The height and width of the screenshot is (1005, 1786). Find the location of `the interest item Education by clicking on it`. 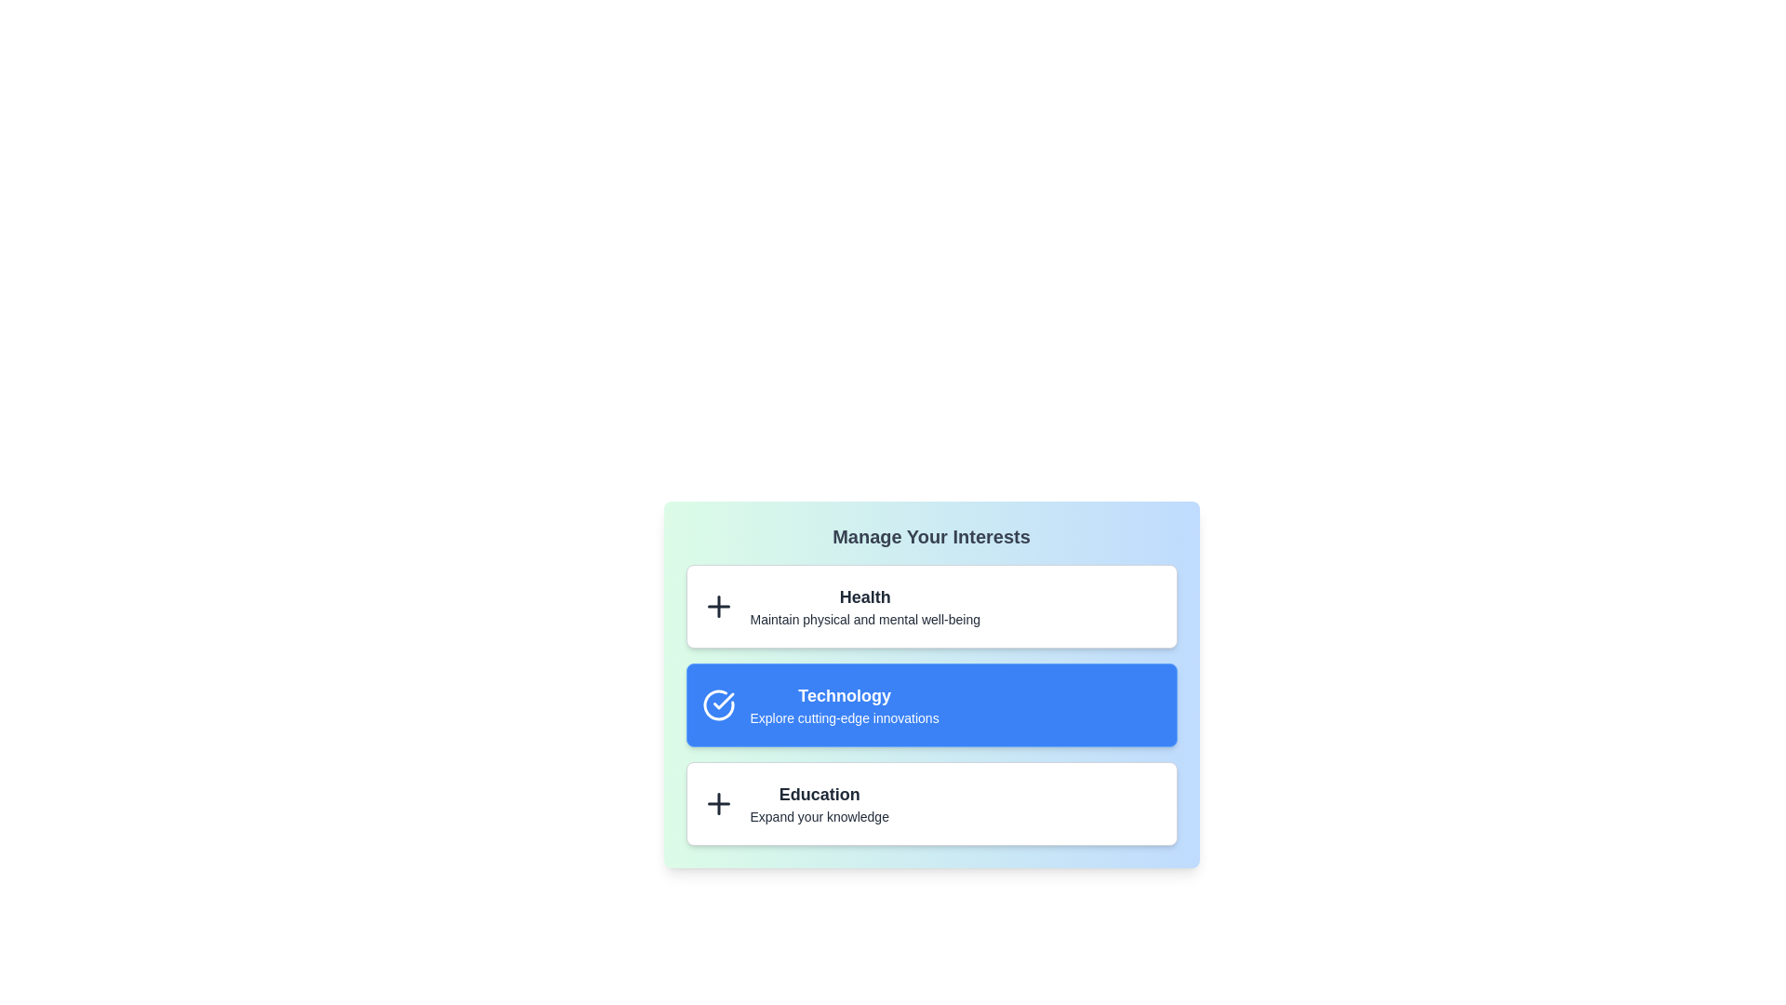

the interest item Education by clicking on it is located at coordinates (931, 803).